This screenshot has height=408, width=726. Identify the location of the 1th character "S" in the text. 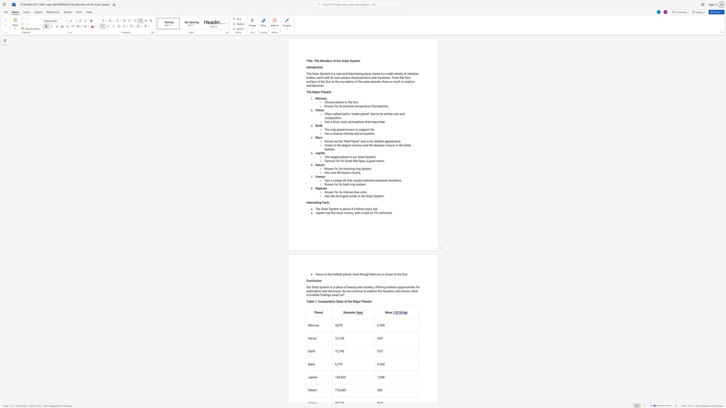
(322, 209).